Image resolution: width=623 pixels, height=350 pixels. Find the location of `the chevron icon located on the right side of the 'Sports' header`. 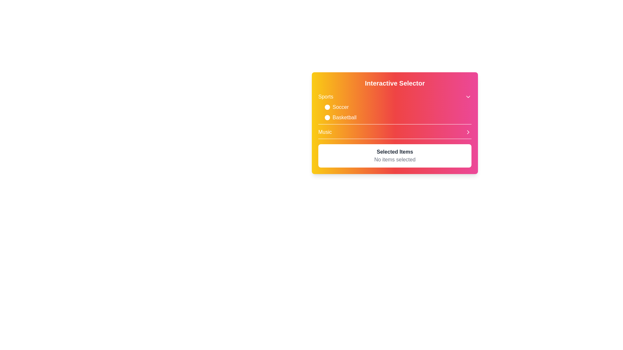

the chevron icon located on the right side of the 'Sports' header is located at coordinates (468, 97).